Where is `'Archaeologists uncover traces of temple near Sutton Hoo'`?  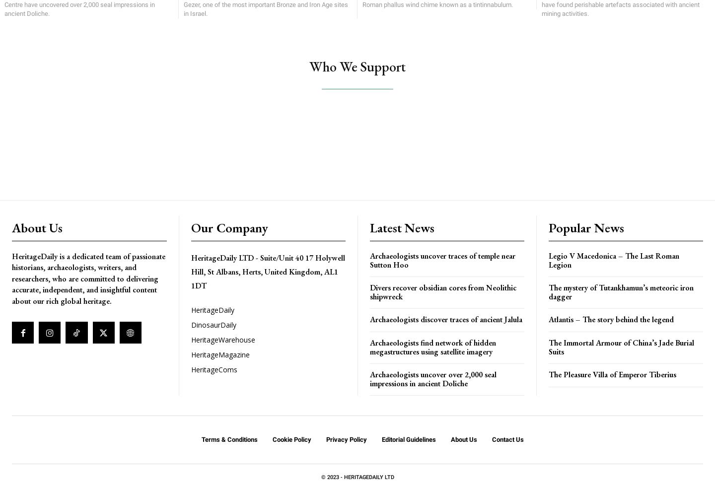 'Archaeologists uncover traces of temple near Sutton Hoo' is located at coordinates (442, 260).